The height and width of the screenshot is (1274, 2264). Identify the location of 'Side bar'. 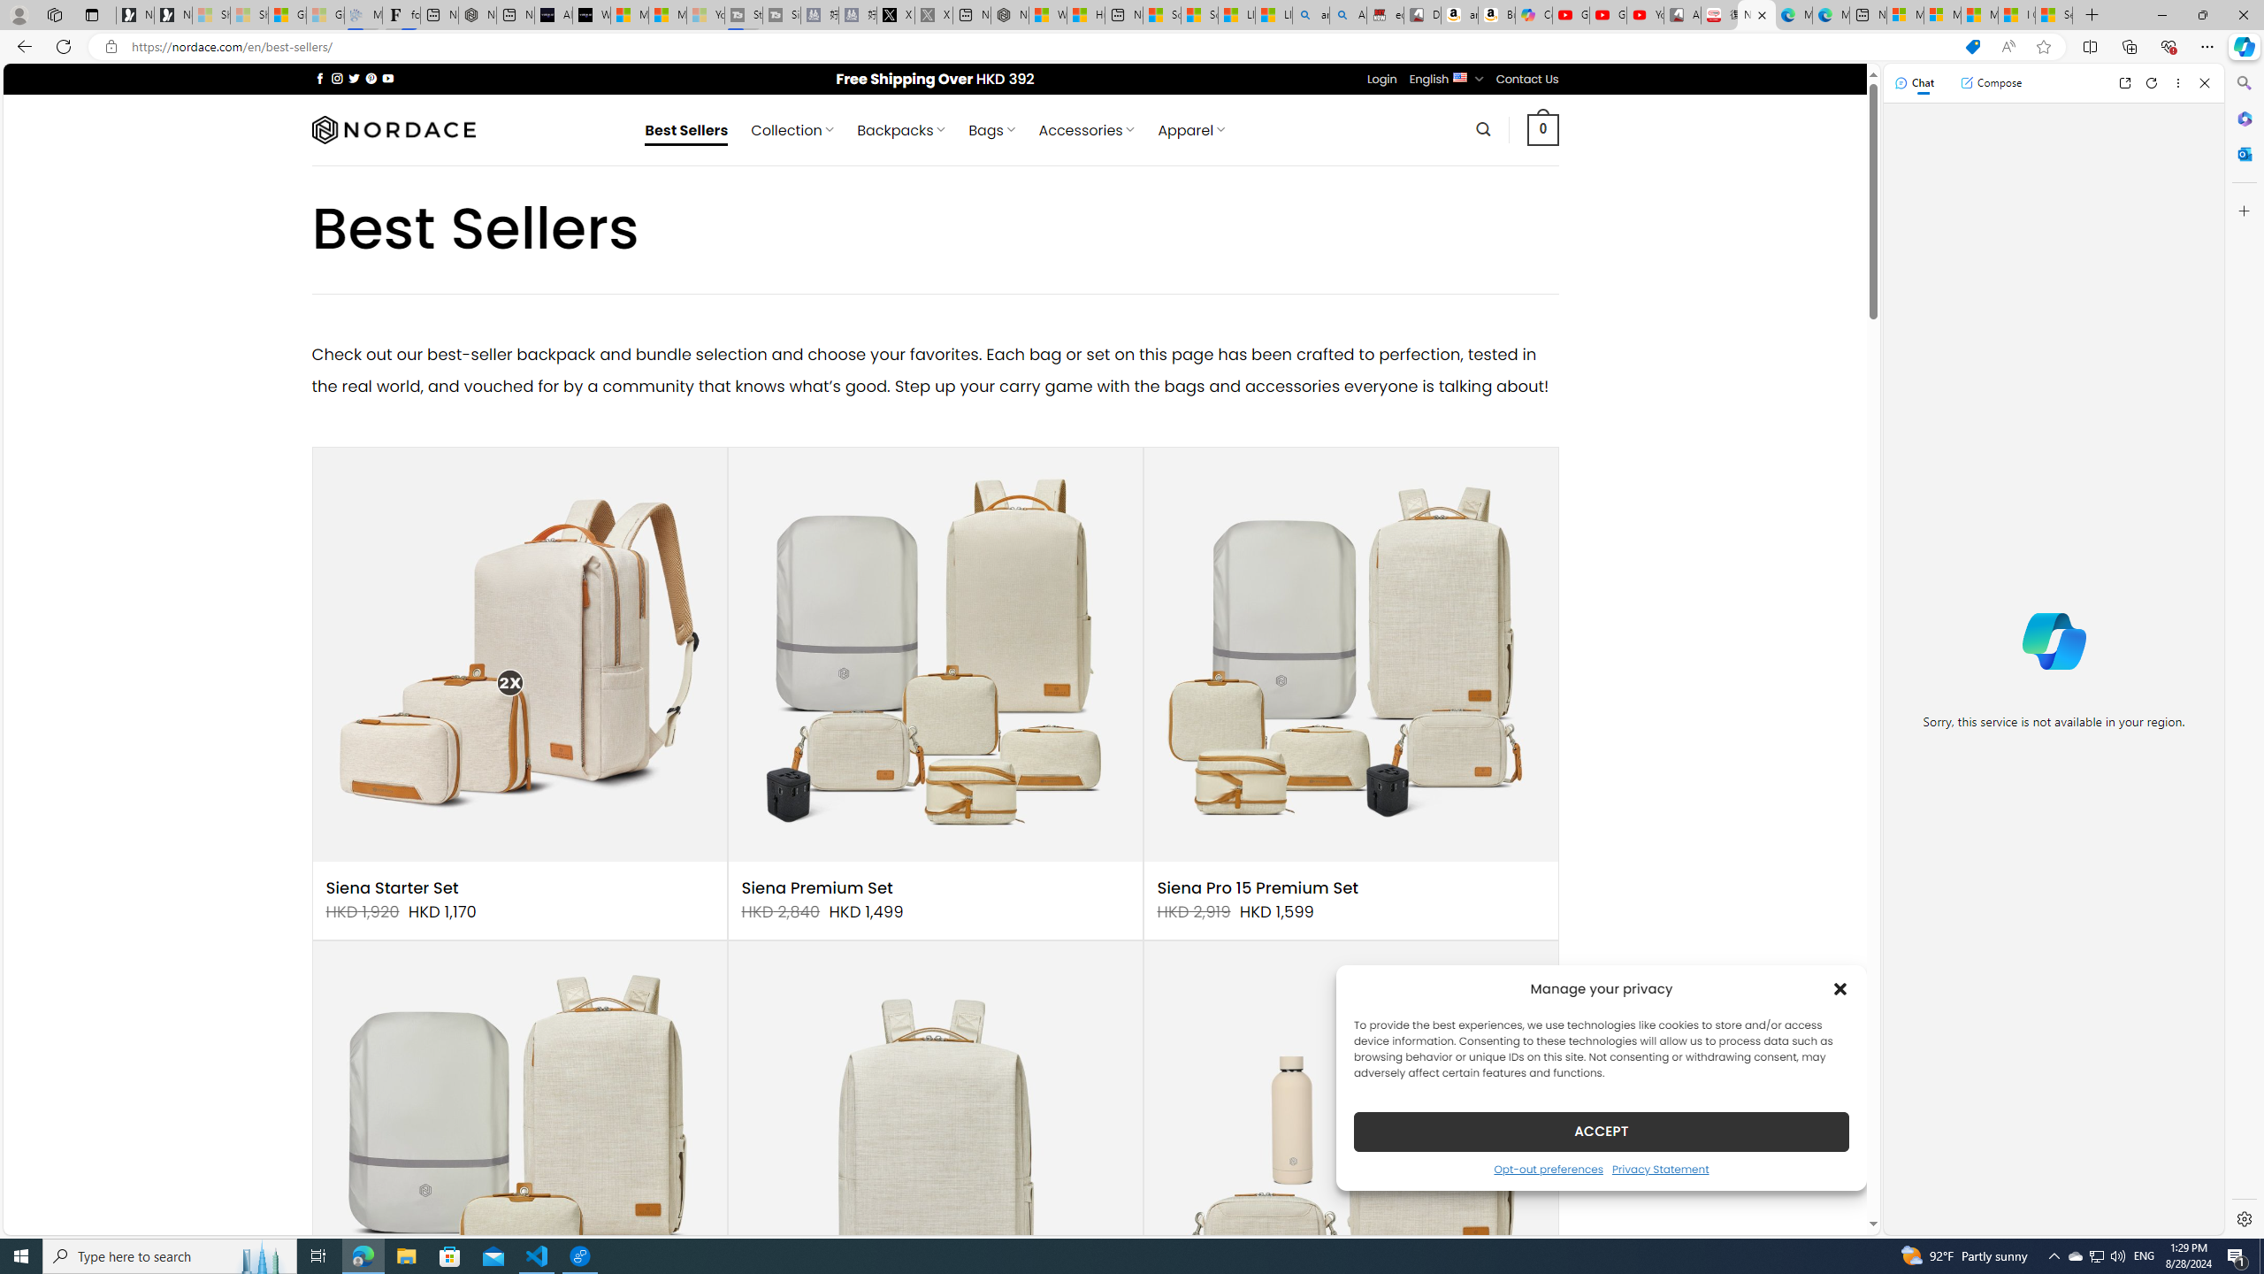
(2244, 650).